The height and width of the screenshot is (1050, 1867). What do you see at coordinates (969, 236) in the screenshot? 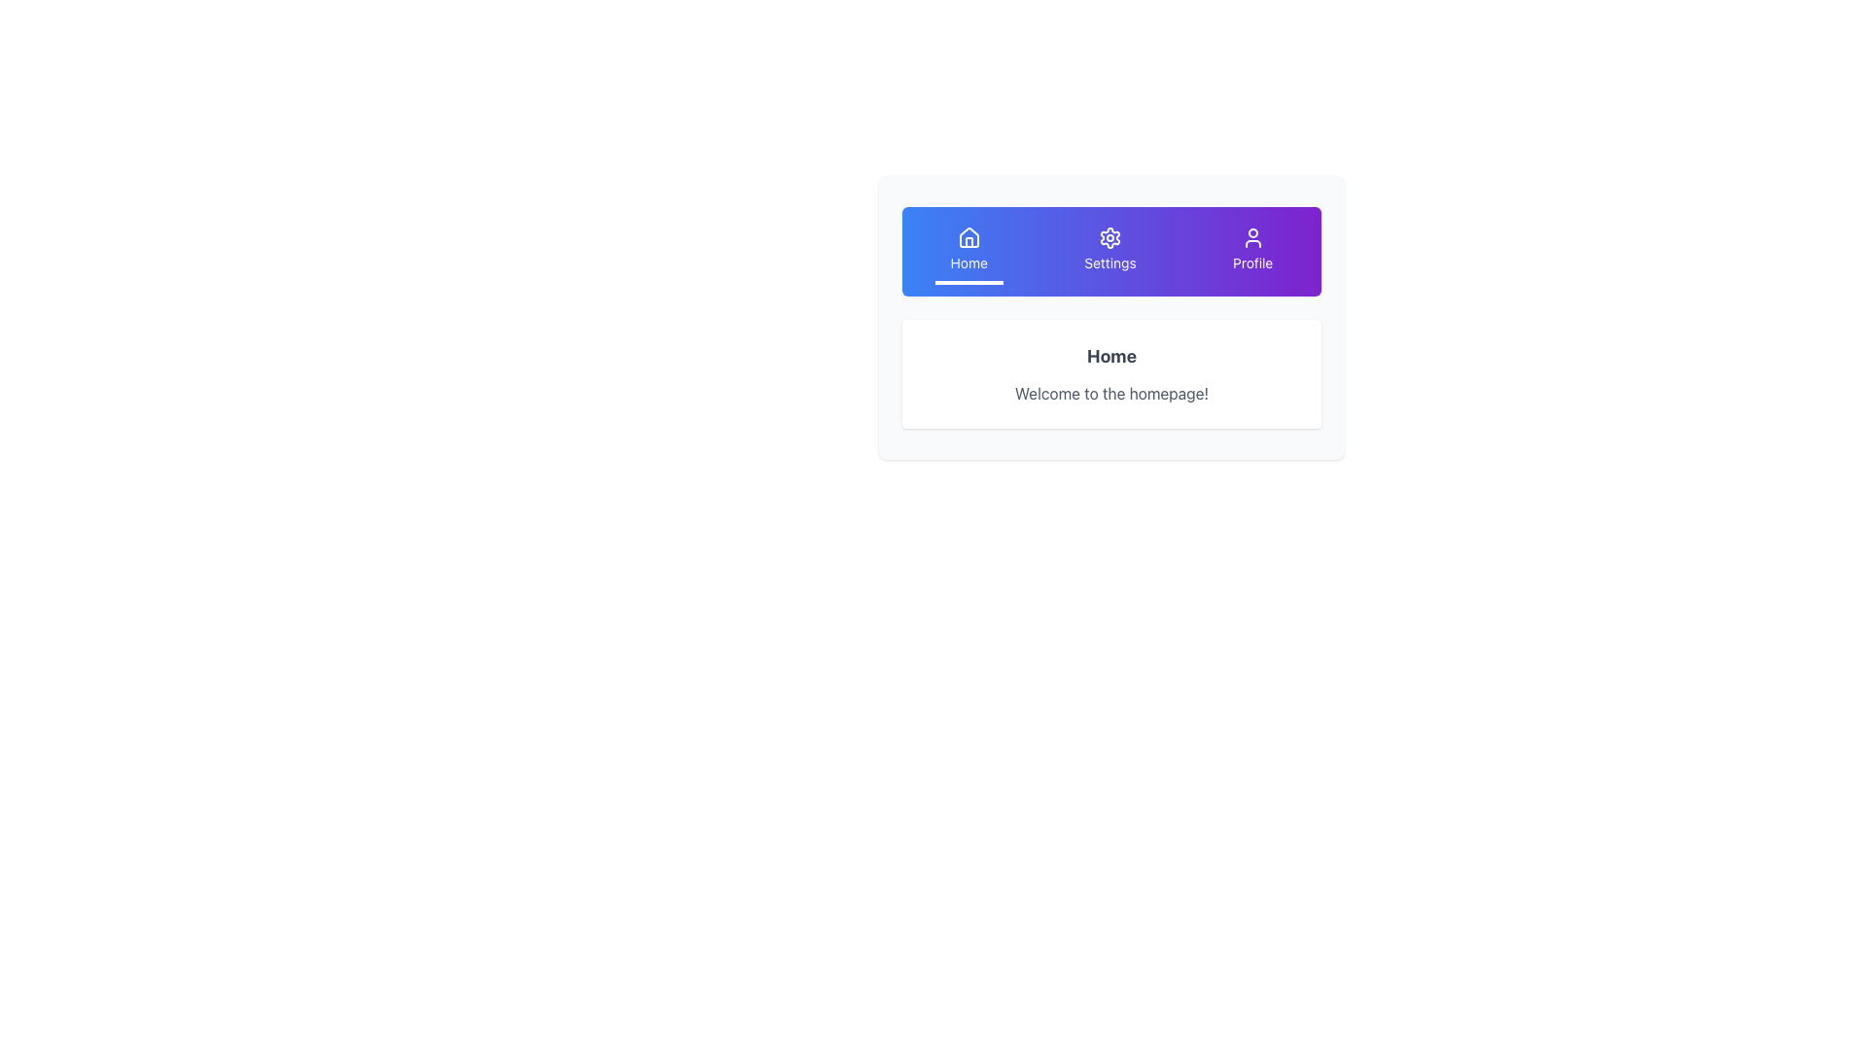
I see `the 'Home' icon located in the blue section of the header bar, which is the leftmost icon representing the home page` at bounding box center [969, 236].